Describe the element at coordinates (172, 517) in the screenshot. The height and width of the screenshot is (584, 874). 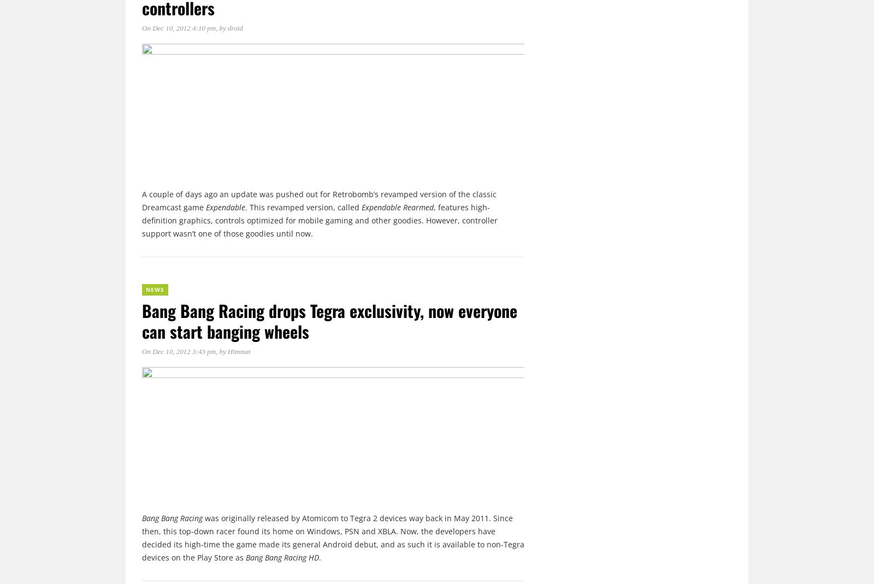
I see `'Bang Bang Racing'` at that location.